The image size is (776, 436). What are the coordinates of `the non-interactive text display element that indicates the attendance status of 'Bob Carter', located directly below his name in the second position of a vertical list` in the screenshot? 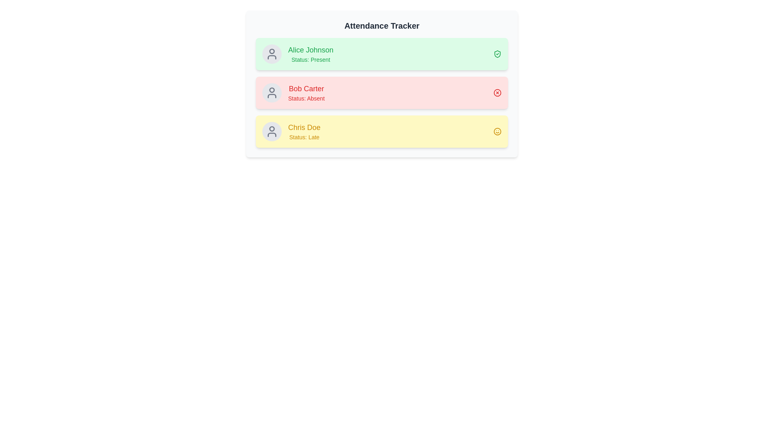 It's located at (306, 98).